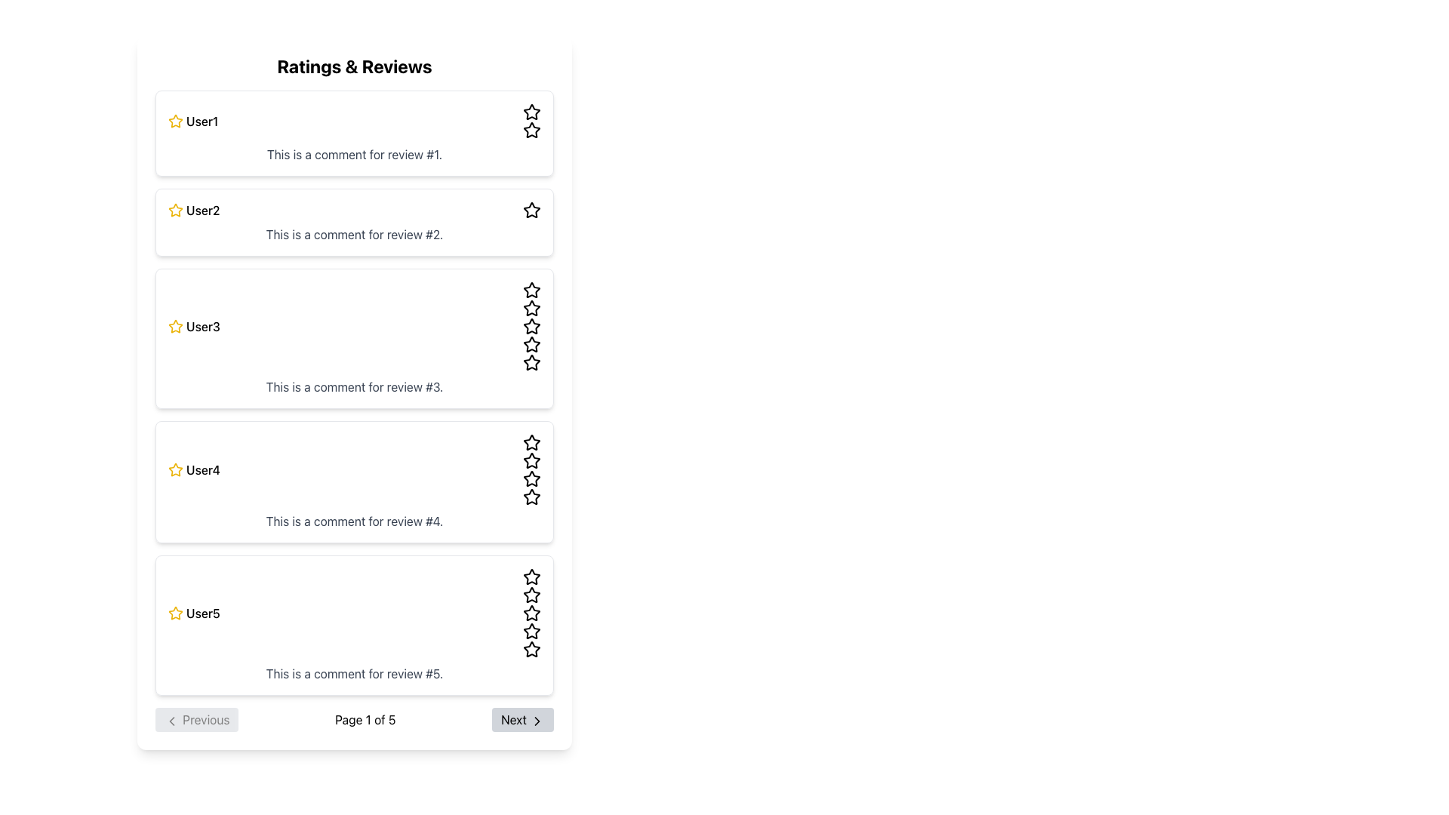 The height and width of the screenshot is (815, 1449). Describe the element at coordinates (171, 720) in the screenshot. I see `the leftwards chevron icon in the bottom-left corner of the interface` at that location.